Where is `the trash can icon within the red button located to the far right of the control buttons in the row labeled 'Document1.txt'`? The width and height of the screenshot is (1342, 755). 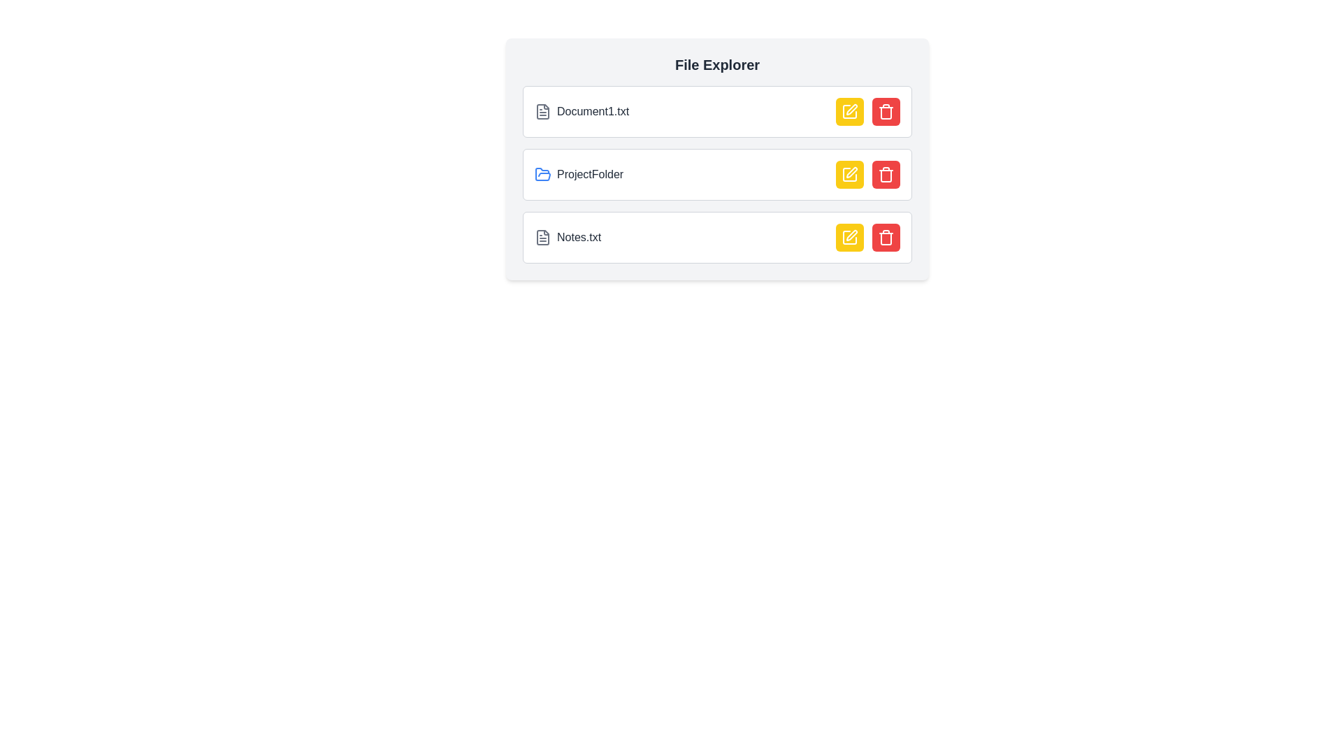 the trash can icon within the red button located to the far right of the control buttons in the row labeled 'Document1.txt' is located at coordinates (885, 110).